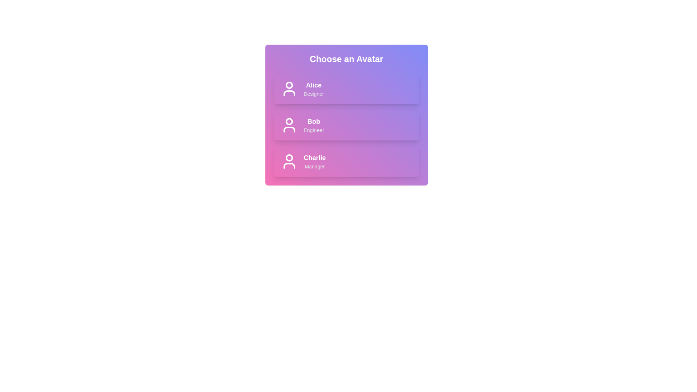 This screenshot has width=697, height=392. I want to click on the text label displaying 'Designer' in light gray, located below the name 'Alice' in the first list item of the card interface, so click(314, 93).